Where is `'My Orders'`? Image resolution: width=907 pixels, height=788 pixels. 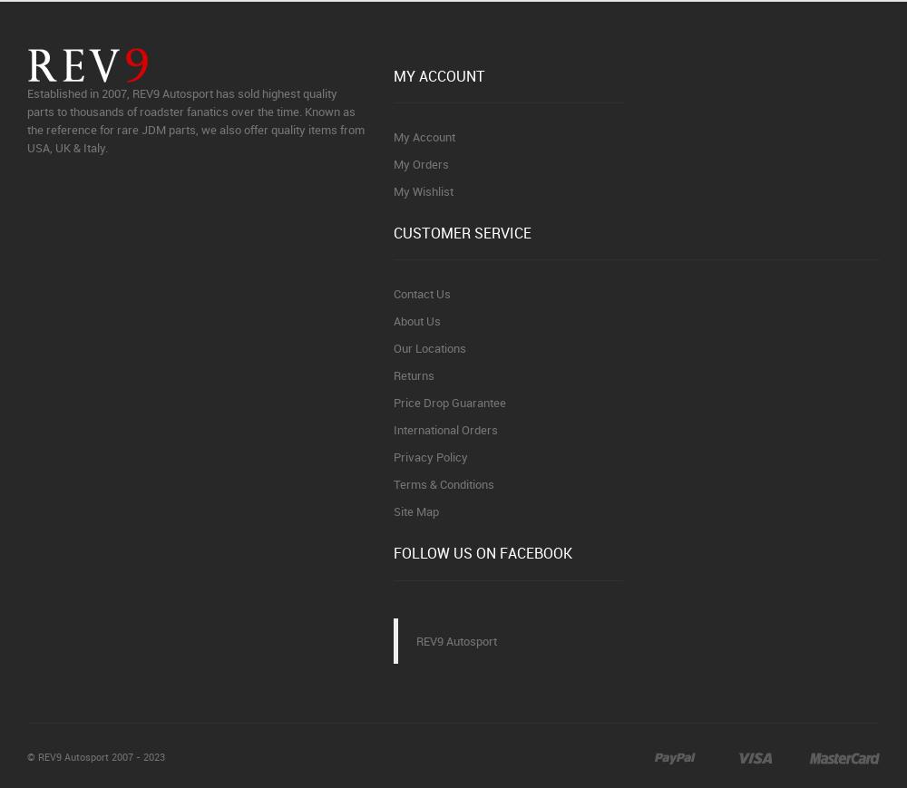 'My Orders' is located at coordinates (394, 161).